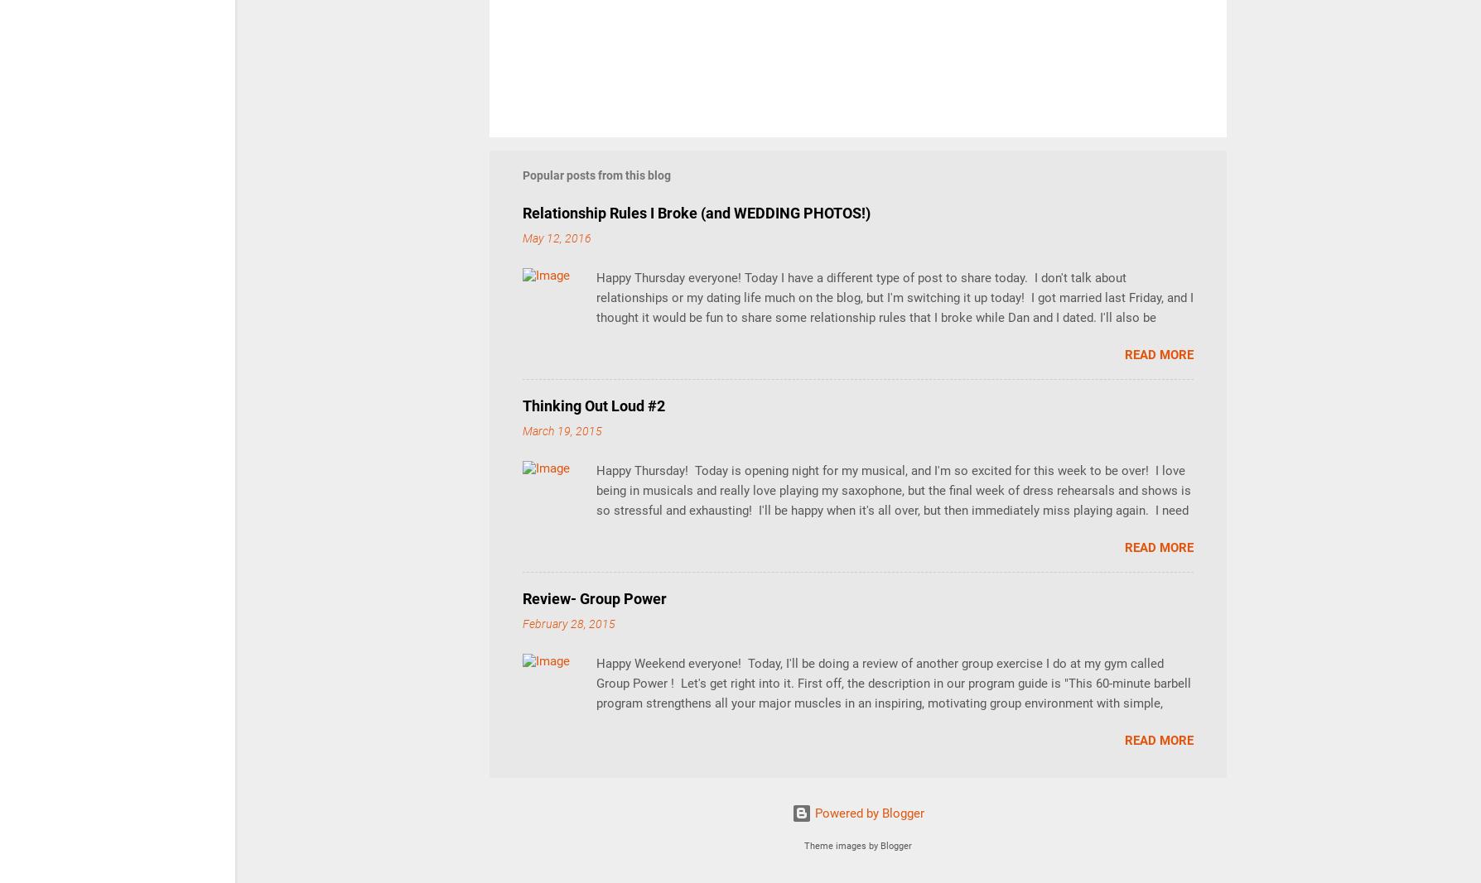 The image size is (1481, 883). What do you see at coordinates (522, 213) in the screenshot?
I see `'Relationship Rules I Broke (and WEDDING PHOTOS!)'` at bounding box center [522, 213].